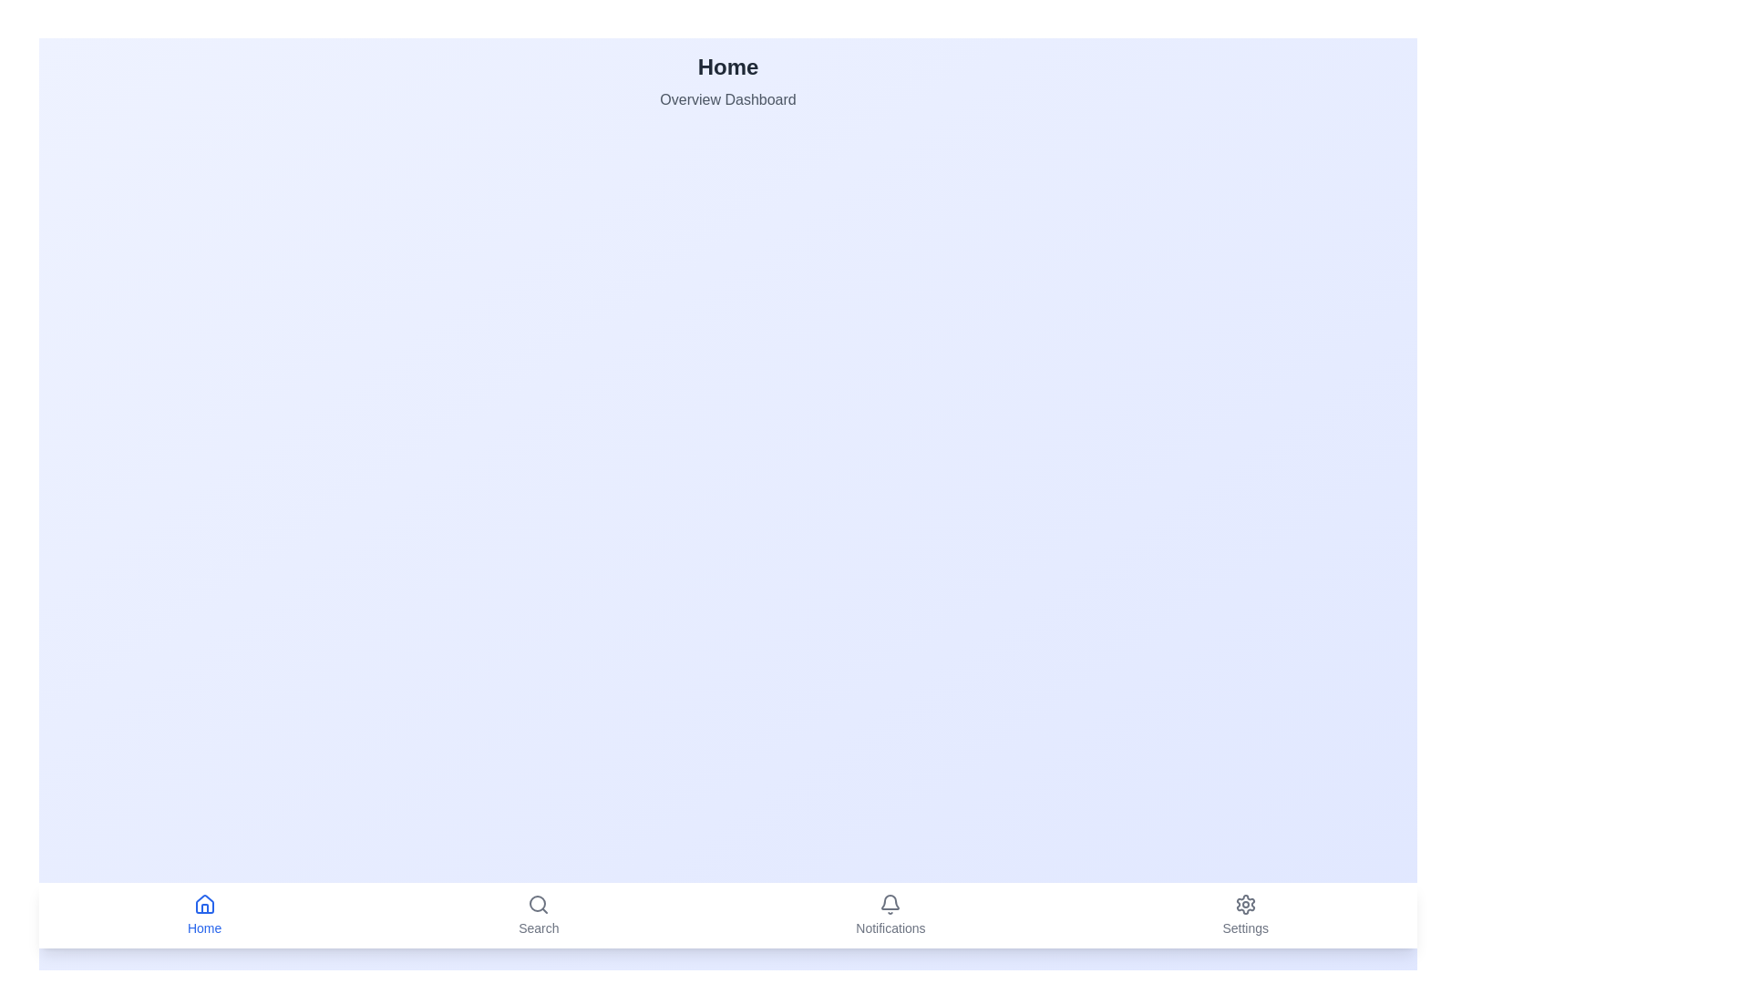  I want to click on the Search tab in the bottom navigation bar to view its title and description, so click(537, 916).